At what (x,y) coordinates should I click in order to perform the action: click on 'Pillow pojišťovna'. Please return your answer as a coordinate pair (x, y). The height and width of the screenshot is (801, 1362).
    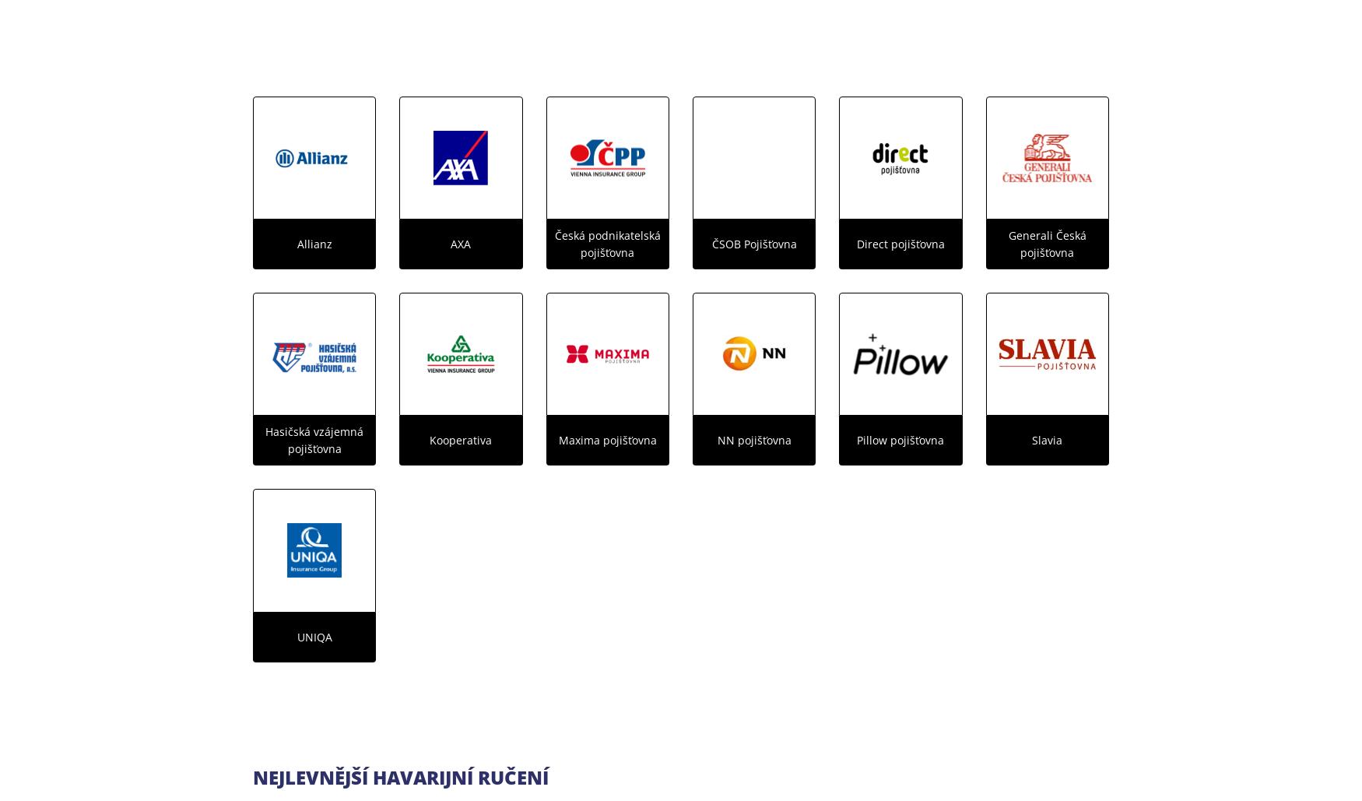
    Looking at the image, I should click on (899, 439).